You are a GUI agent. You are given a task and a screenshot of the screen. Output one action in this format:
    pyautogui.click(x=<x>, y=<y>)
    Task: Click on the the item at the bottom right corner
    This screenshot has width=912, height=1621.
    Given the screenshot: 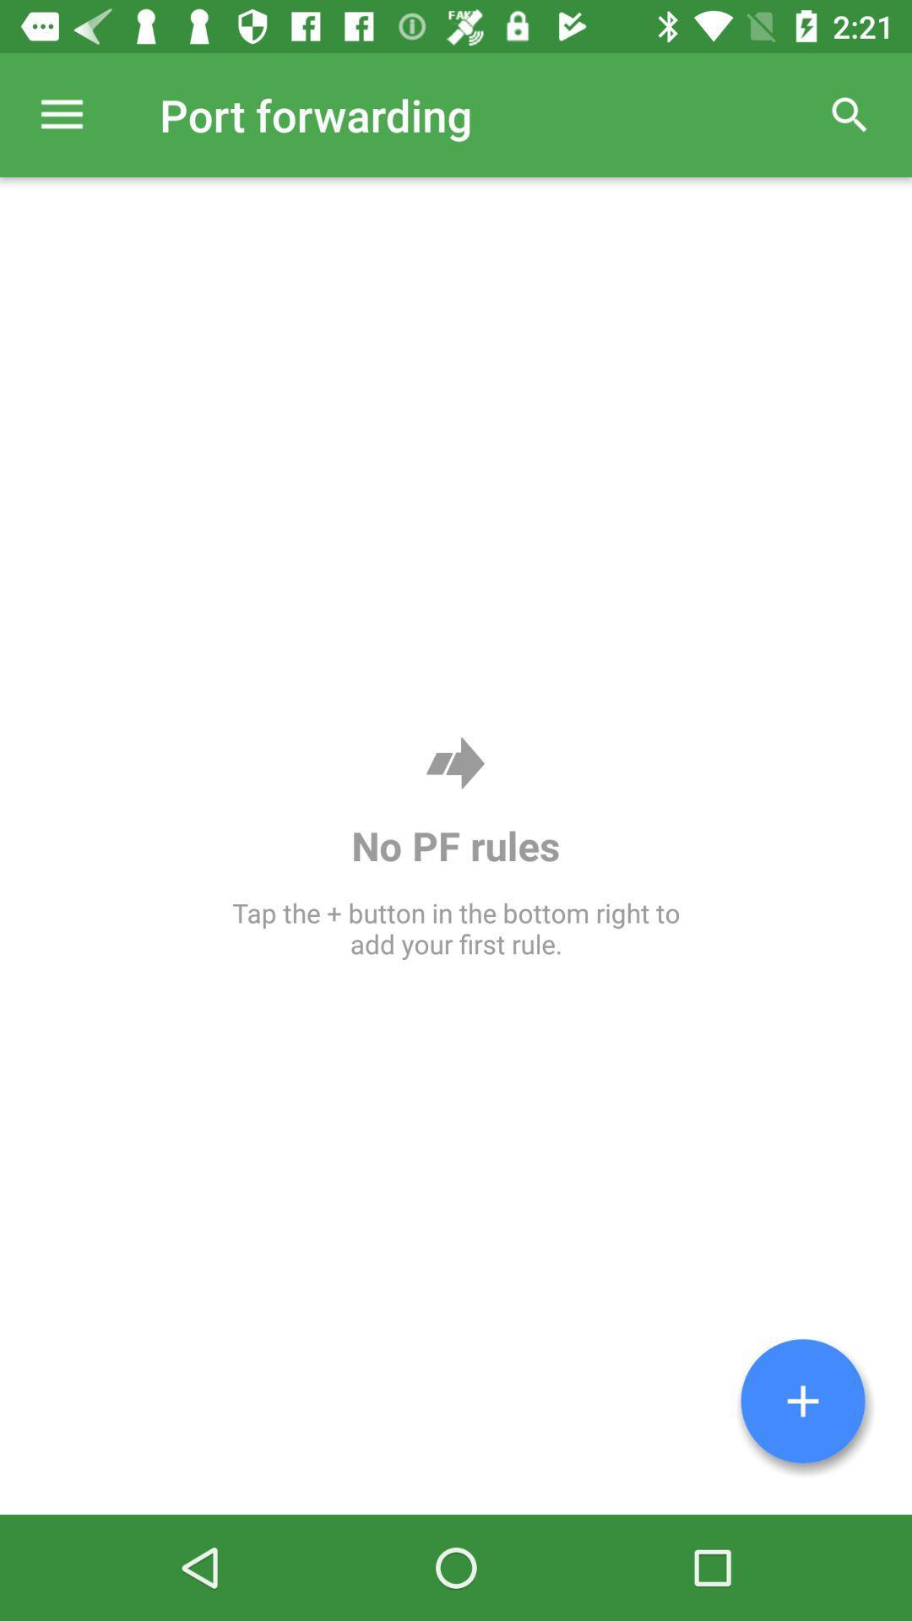 What is the action you would take?
    pyautogui.click(x=802, y=1401)
    